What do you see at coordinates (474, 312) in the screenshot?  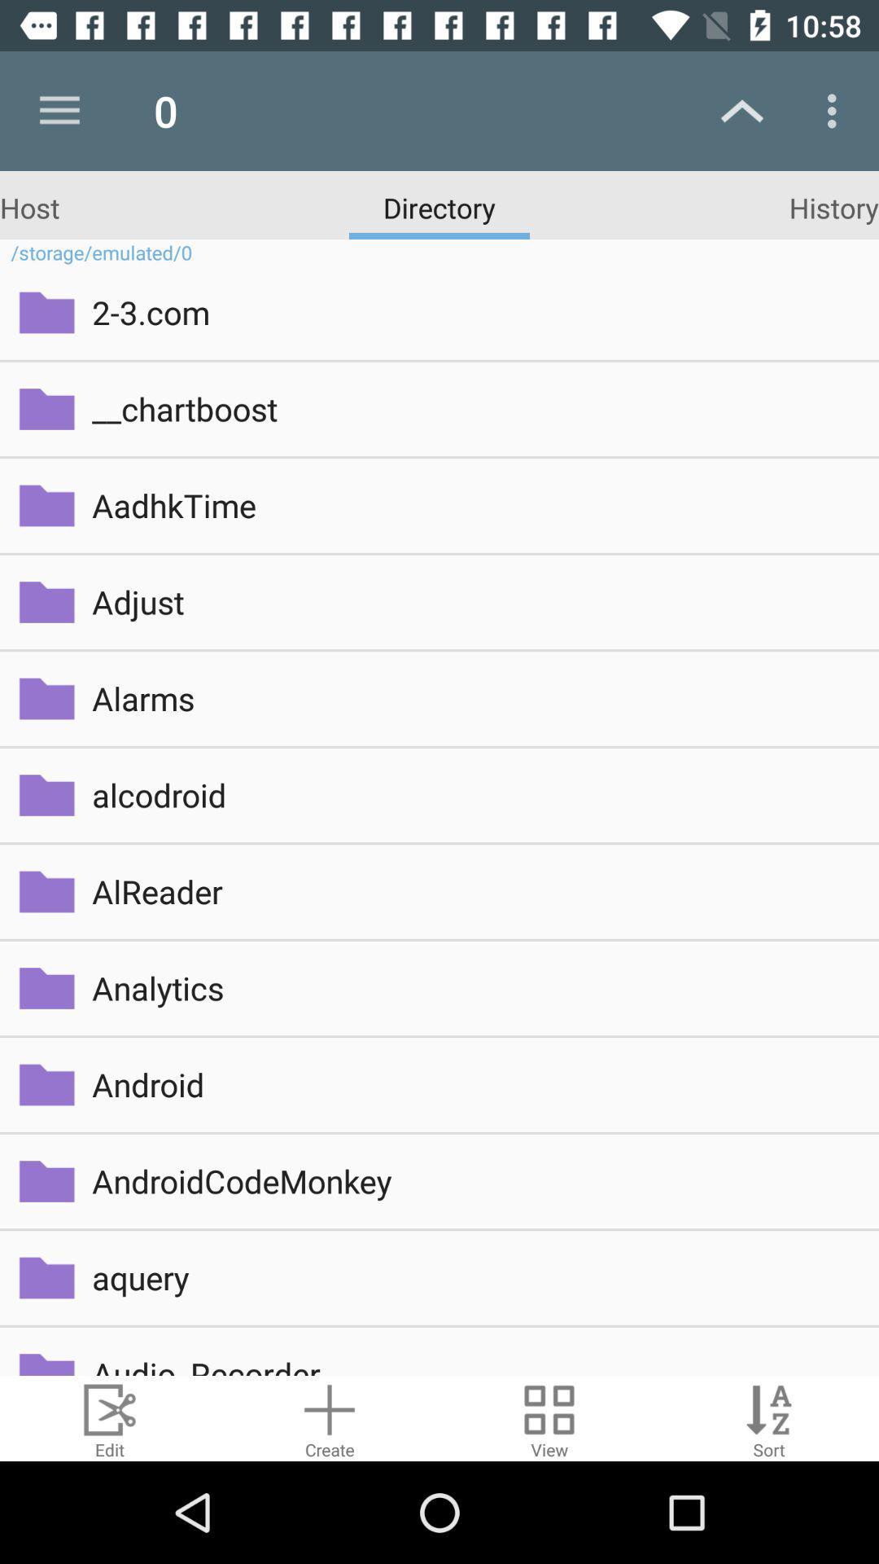 I see `the 2-3.com item` at bounding box center [474, 312].